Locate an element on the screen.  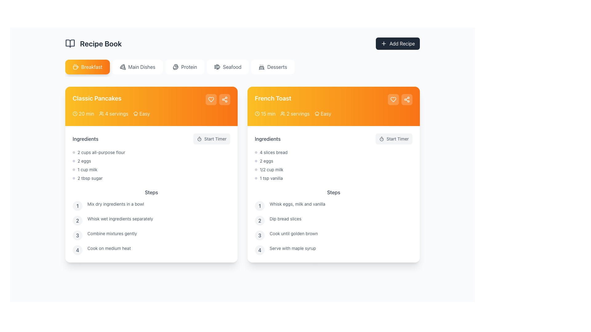
text from the Text Label that indicates the amount and type of sugar for the 'Classic Pancakes' recipe, located in the ingredients list after '1 cup milk' is located at coordinates (90, 178).